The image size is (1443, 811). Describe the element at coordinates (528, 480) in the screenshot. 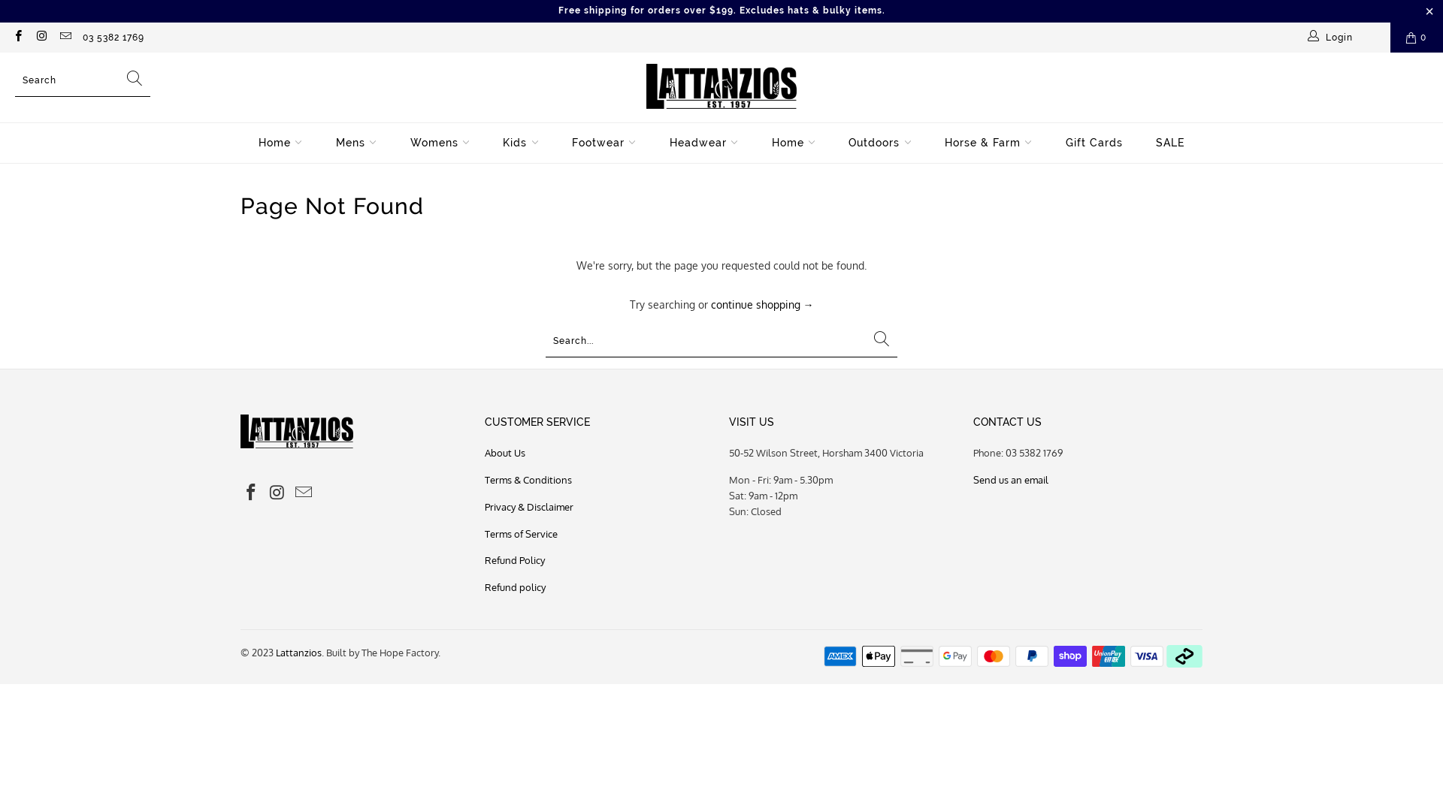

I see `'Terms & Conditions'` at that location.